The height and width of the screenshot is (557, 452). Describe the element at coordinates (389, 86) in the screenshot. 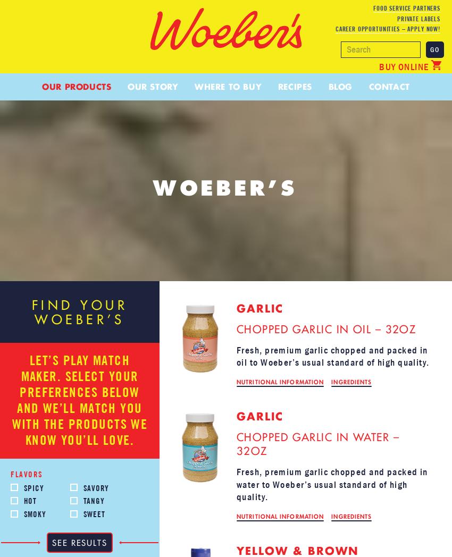

I see `'Contact'` at that location.